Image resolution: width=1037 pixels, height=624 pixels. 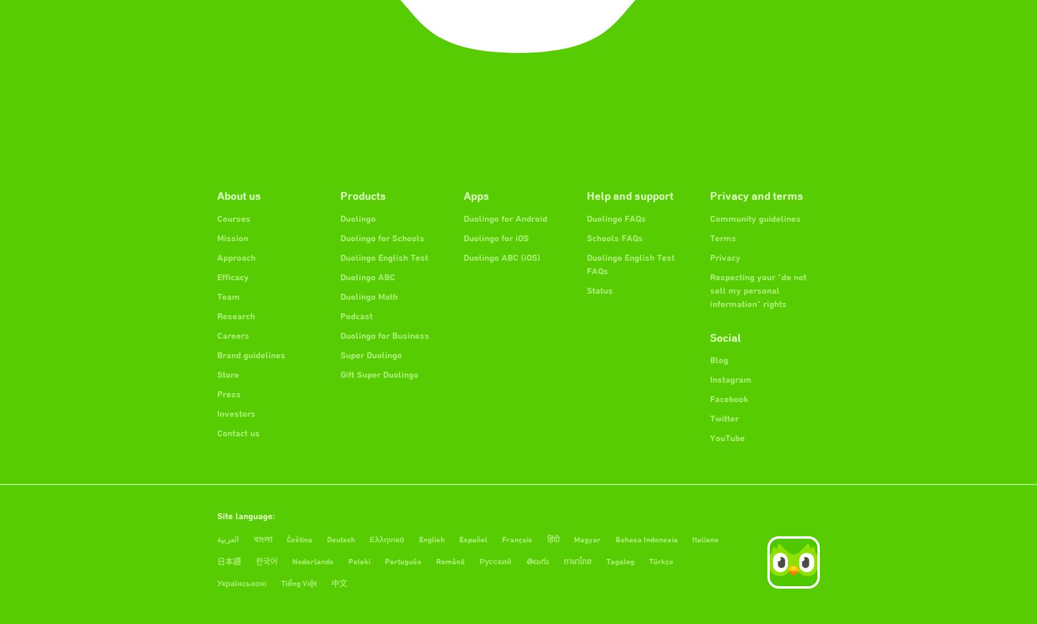 I want to click on 'Efficacy', so click(x=232, y=277).